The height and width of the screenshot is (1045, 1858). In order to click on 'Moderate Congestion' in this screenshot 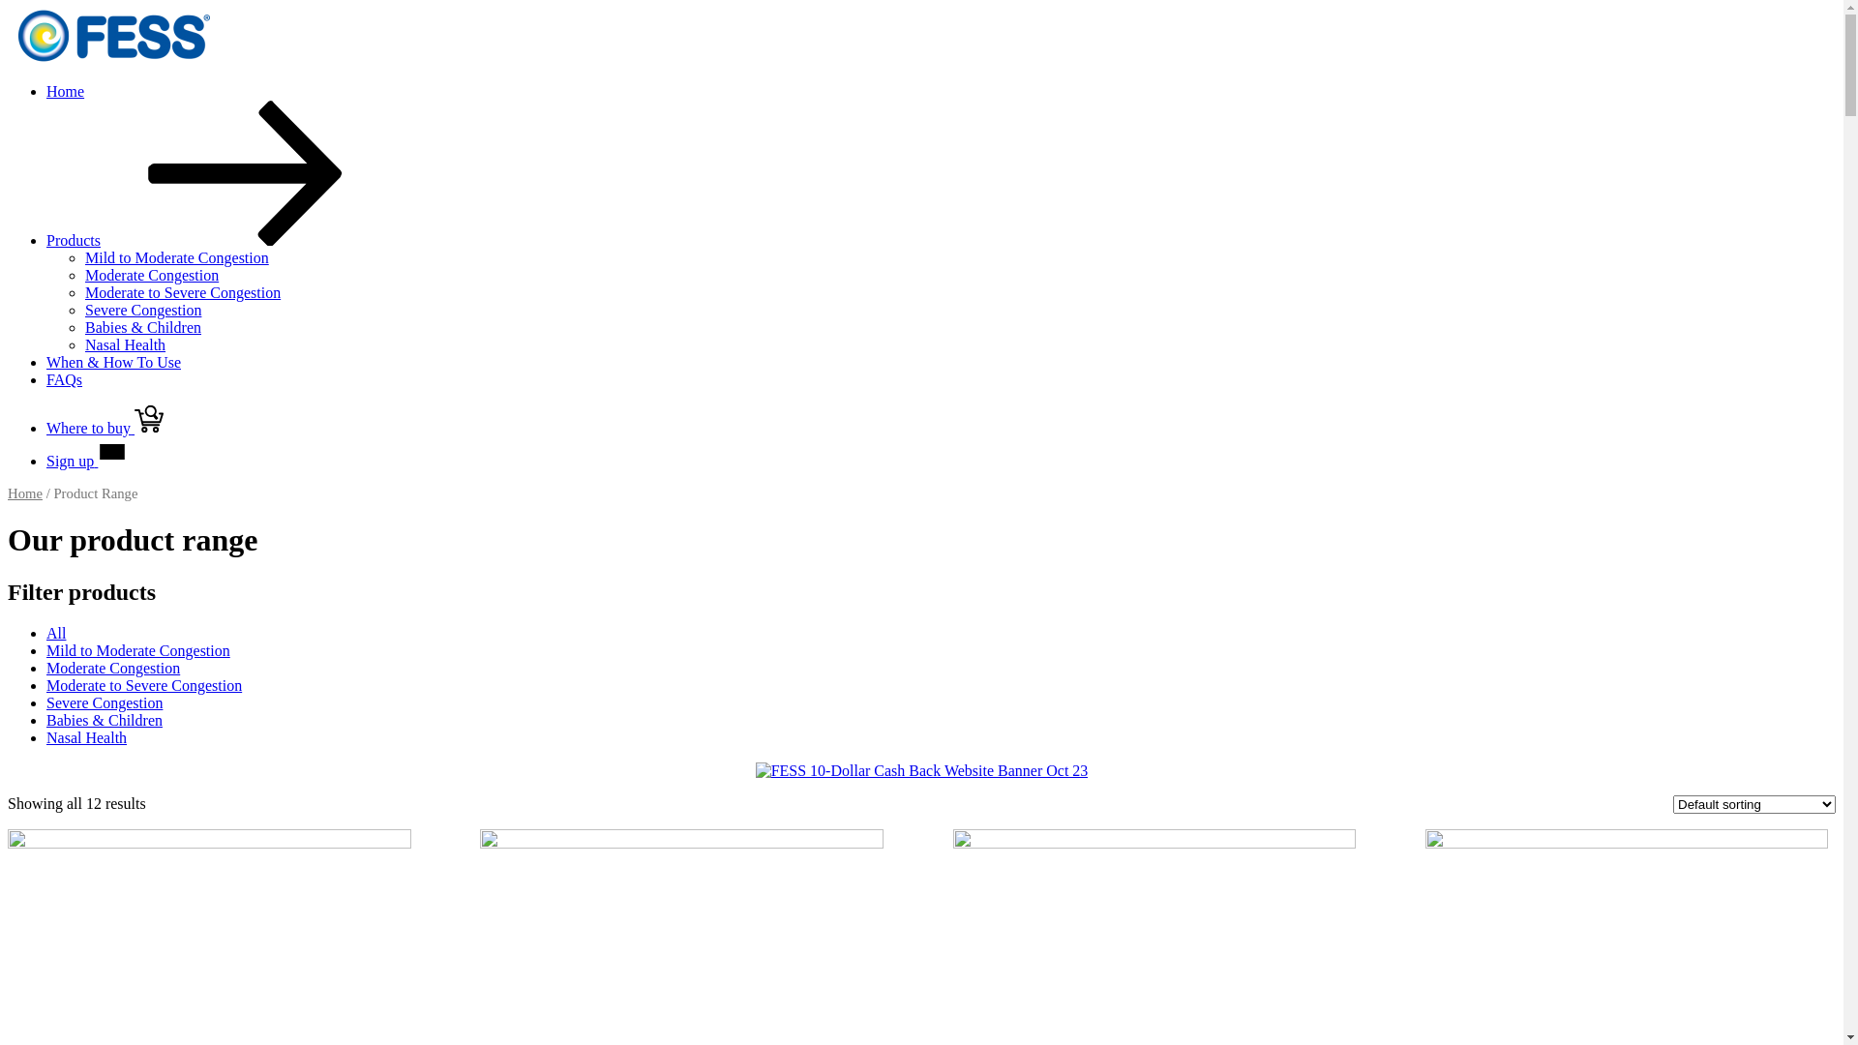, I will do `click(111, 667)`.